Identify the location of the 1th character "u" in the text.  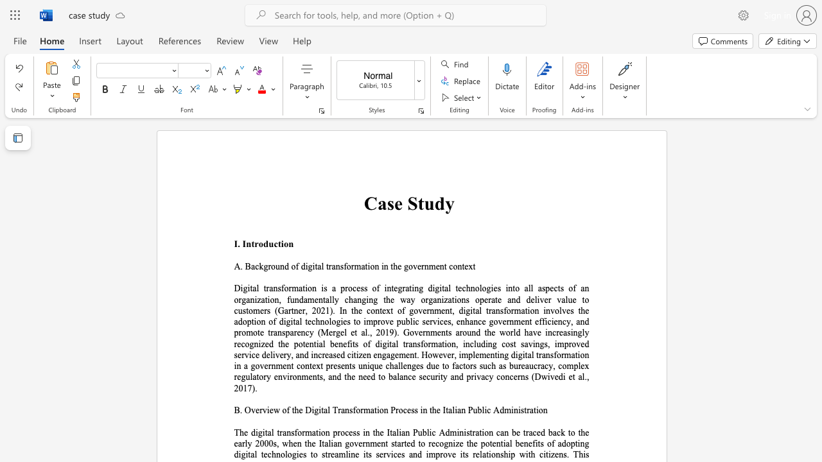
(270, 244).